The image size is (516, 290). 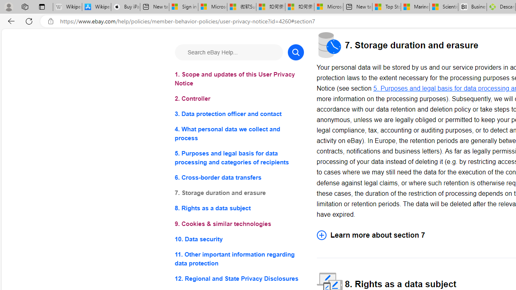 I want to click on '4. What personal data we collect and process', so click(x=239, y=133).